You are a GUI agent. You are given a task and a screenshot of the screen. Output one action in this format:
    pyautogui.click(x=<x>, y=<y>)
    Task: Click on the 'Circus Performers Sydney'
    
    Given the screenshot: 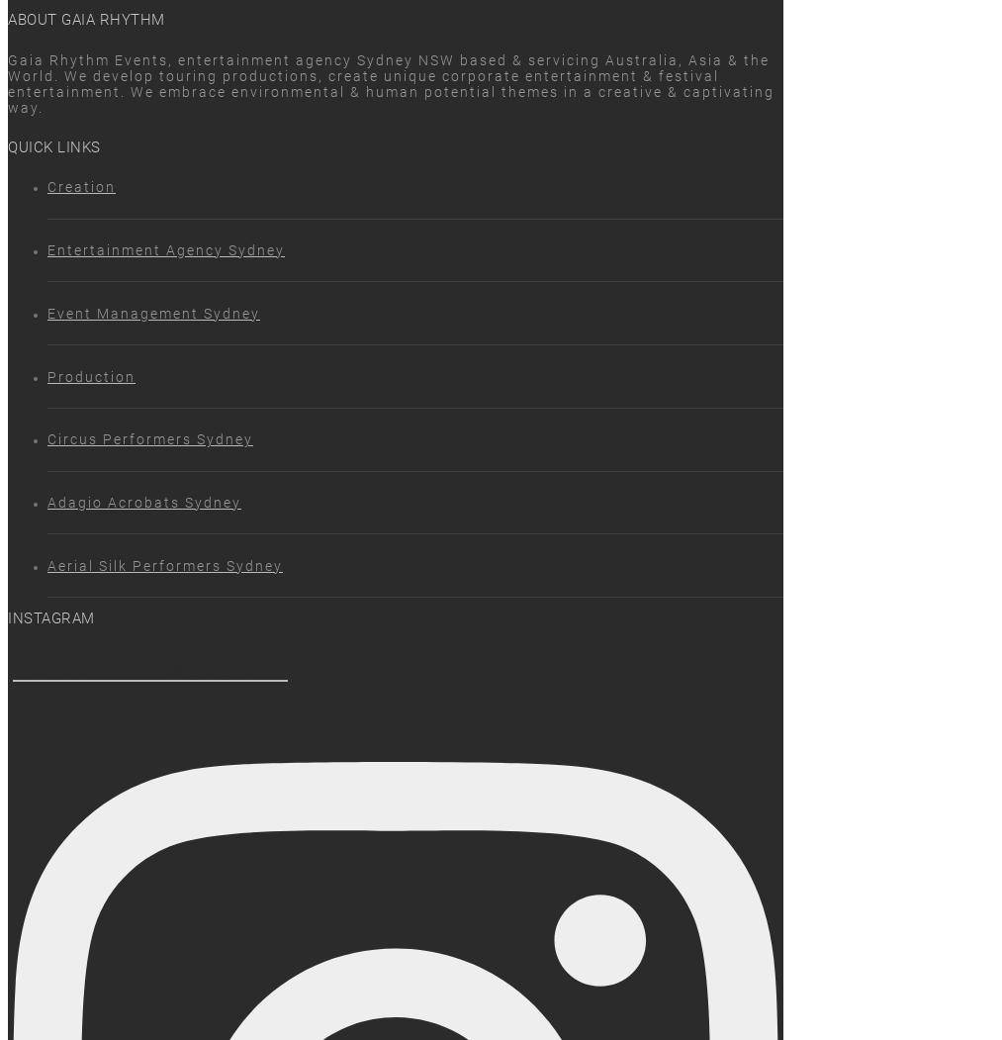 What is the action you would take?
    pyautogui.click(x=46, y=439)
    